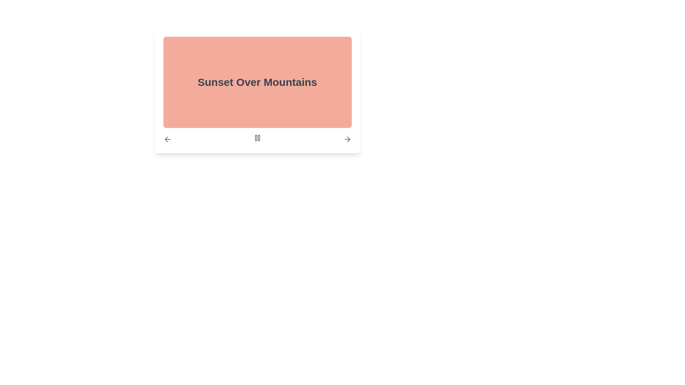  Describe the element at coordinates (166, 139) in the screenshot. I see `the navigational icon located at the left side of the interface` at that location.